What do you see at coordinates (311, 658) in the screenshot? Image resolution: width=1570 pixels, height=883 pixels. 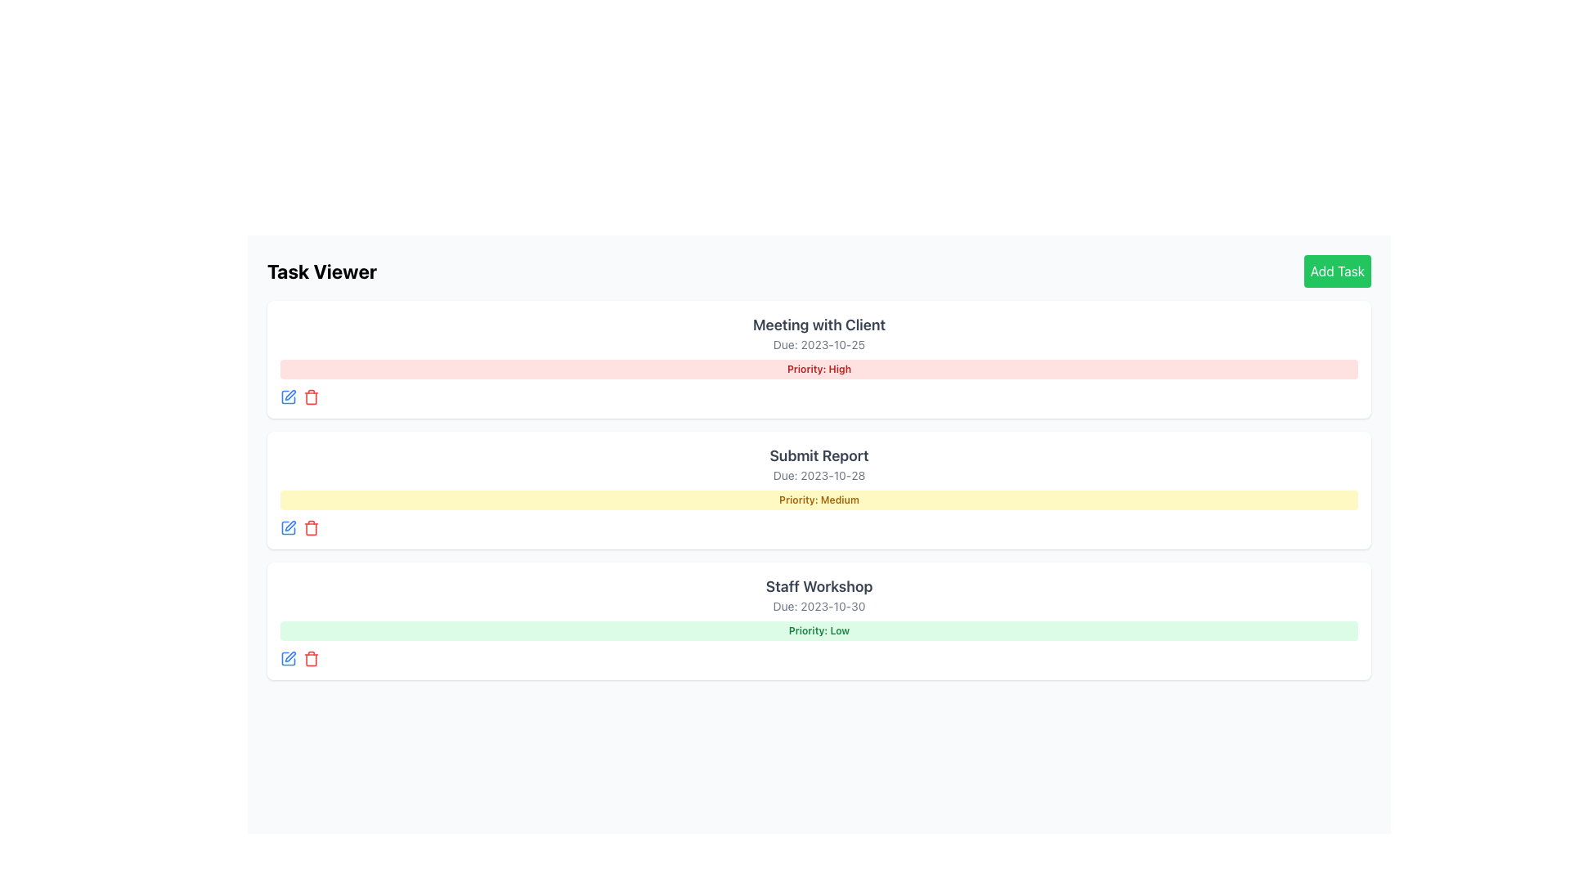 I see `the curved rectangular delete icon of the trash can` at bounding box center [311, 658].